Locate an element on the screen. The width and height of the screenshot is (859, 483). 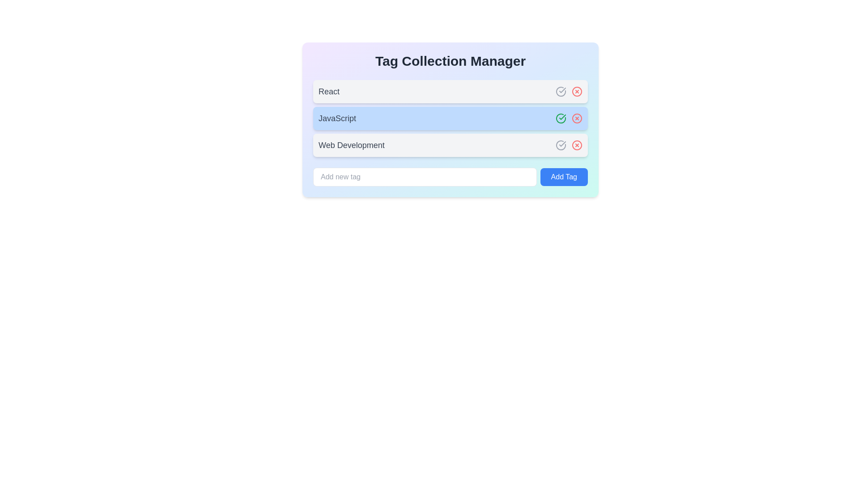
the circular red button with a white 'X' symbol, which is the third icon in the row next to the 'Web Development' tag, to observe any additional visual feedback is located at coordinates (577, 144).